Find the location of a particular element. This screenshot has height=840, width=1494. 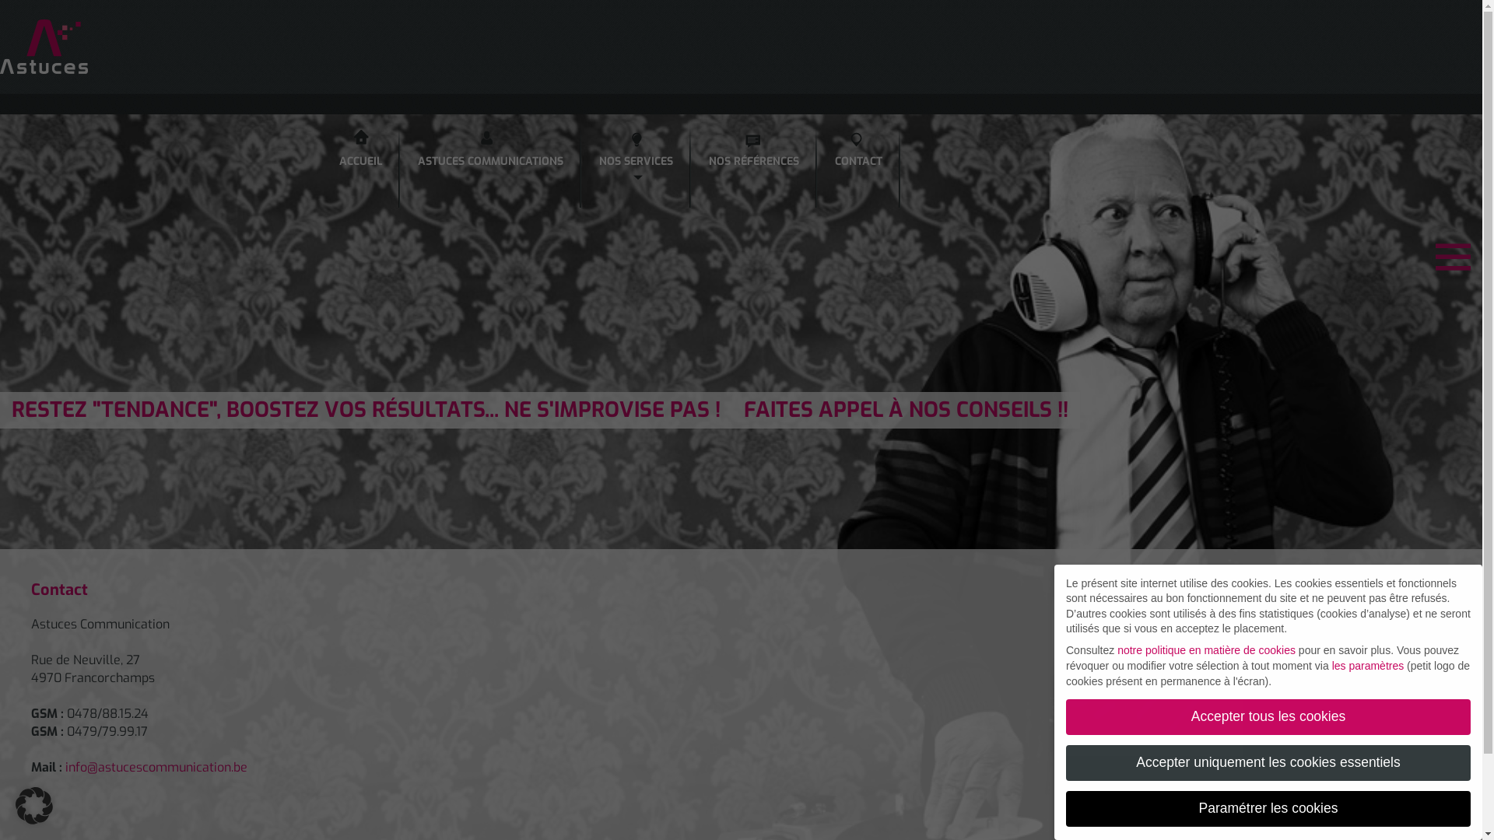

'Accepter uniquement les cookies essentiels' is located at coordinates (1268, 761).